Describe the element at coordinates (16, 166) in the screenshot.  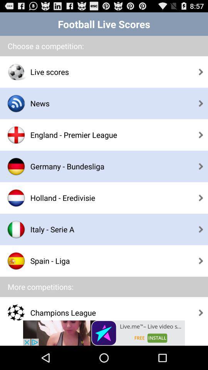
I see `move to the fourth icon from the top` at that location.